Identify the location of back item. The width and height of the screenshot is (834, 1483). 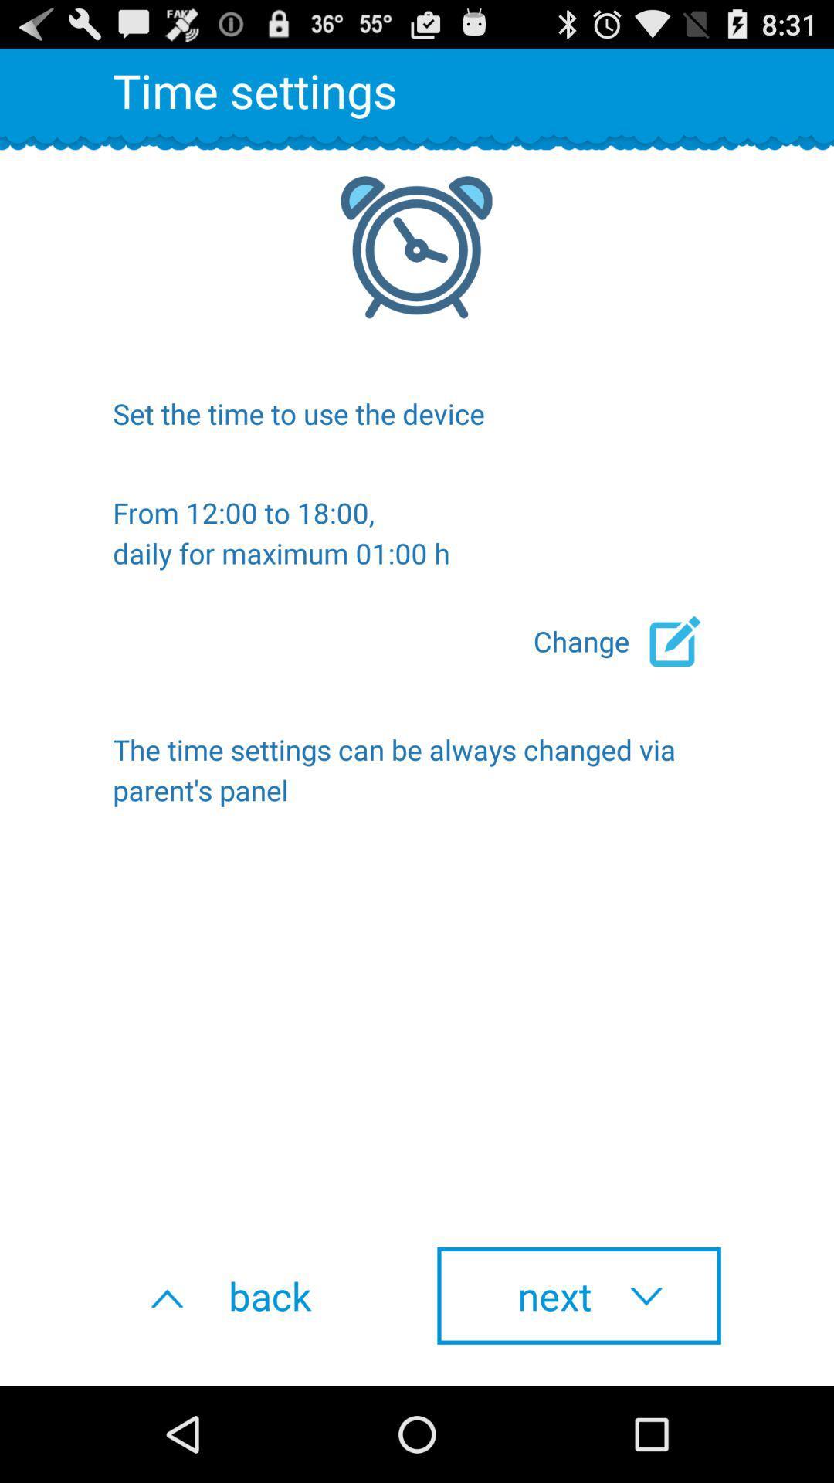
(254, 1295).